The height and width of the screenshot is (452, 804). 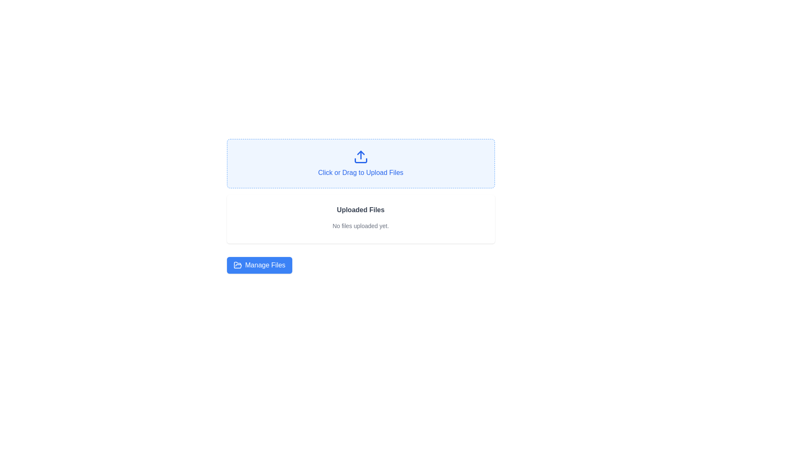 What do you see at coordinates (361, 157) in the screenshot?
I see `the blue upload icon shaped like an upward-pointing arrow, which is centrally positioned within the light blue box labeled 'Click or Drag to Upload Files'` at bounding box center [361, 157].